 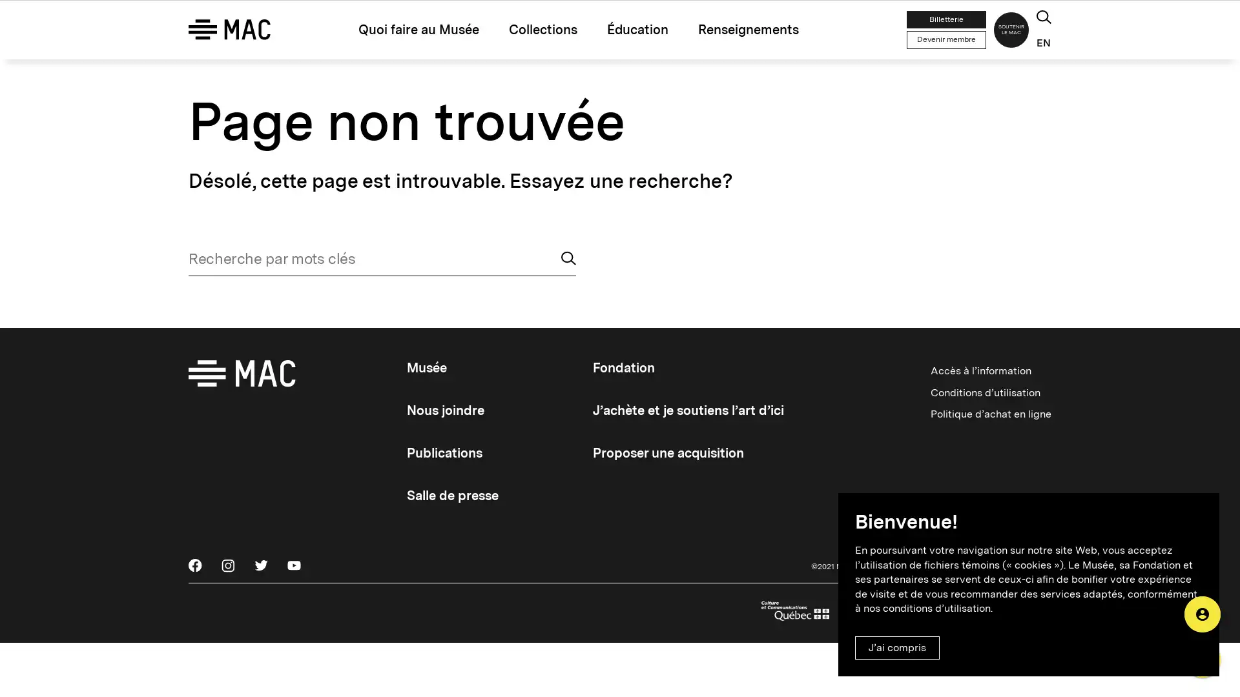 I want to click on Jai compris, so click(x=896, y=647).